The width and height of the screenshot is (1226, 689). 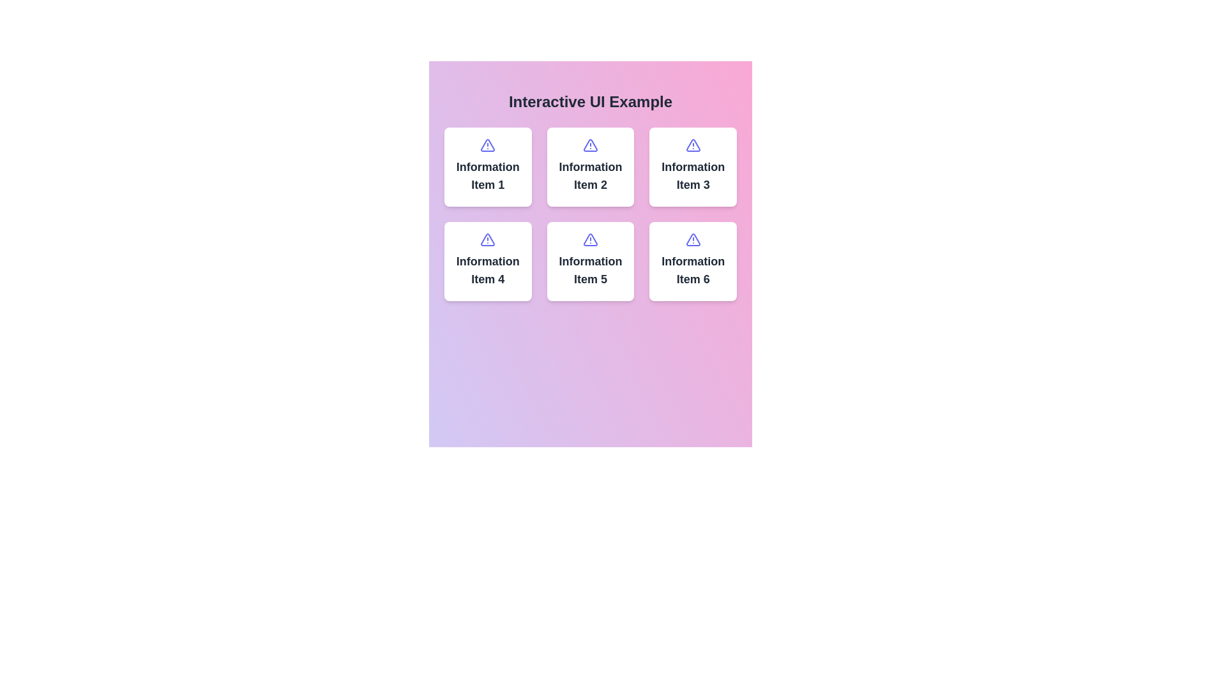 What do you see at coordinates (692, 176) in the screenshot?
I see `the text label 'Information Item 3' which is styled in bold and centered formatting, located on a white background card below a purple triangular alert icon` at bounding box center [692, 176].